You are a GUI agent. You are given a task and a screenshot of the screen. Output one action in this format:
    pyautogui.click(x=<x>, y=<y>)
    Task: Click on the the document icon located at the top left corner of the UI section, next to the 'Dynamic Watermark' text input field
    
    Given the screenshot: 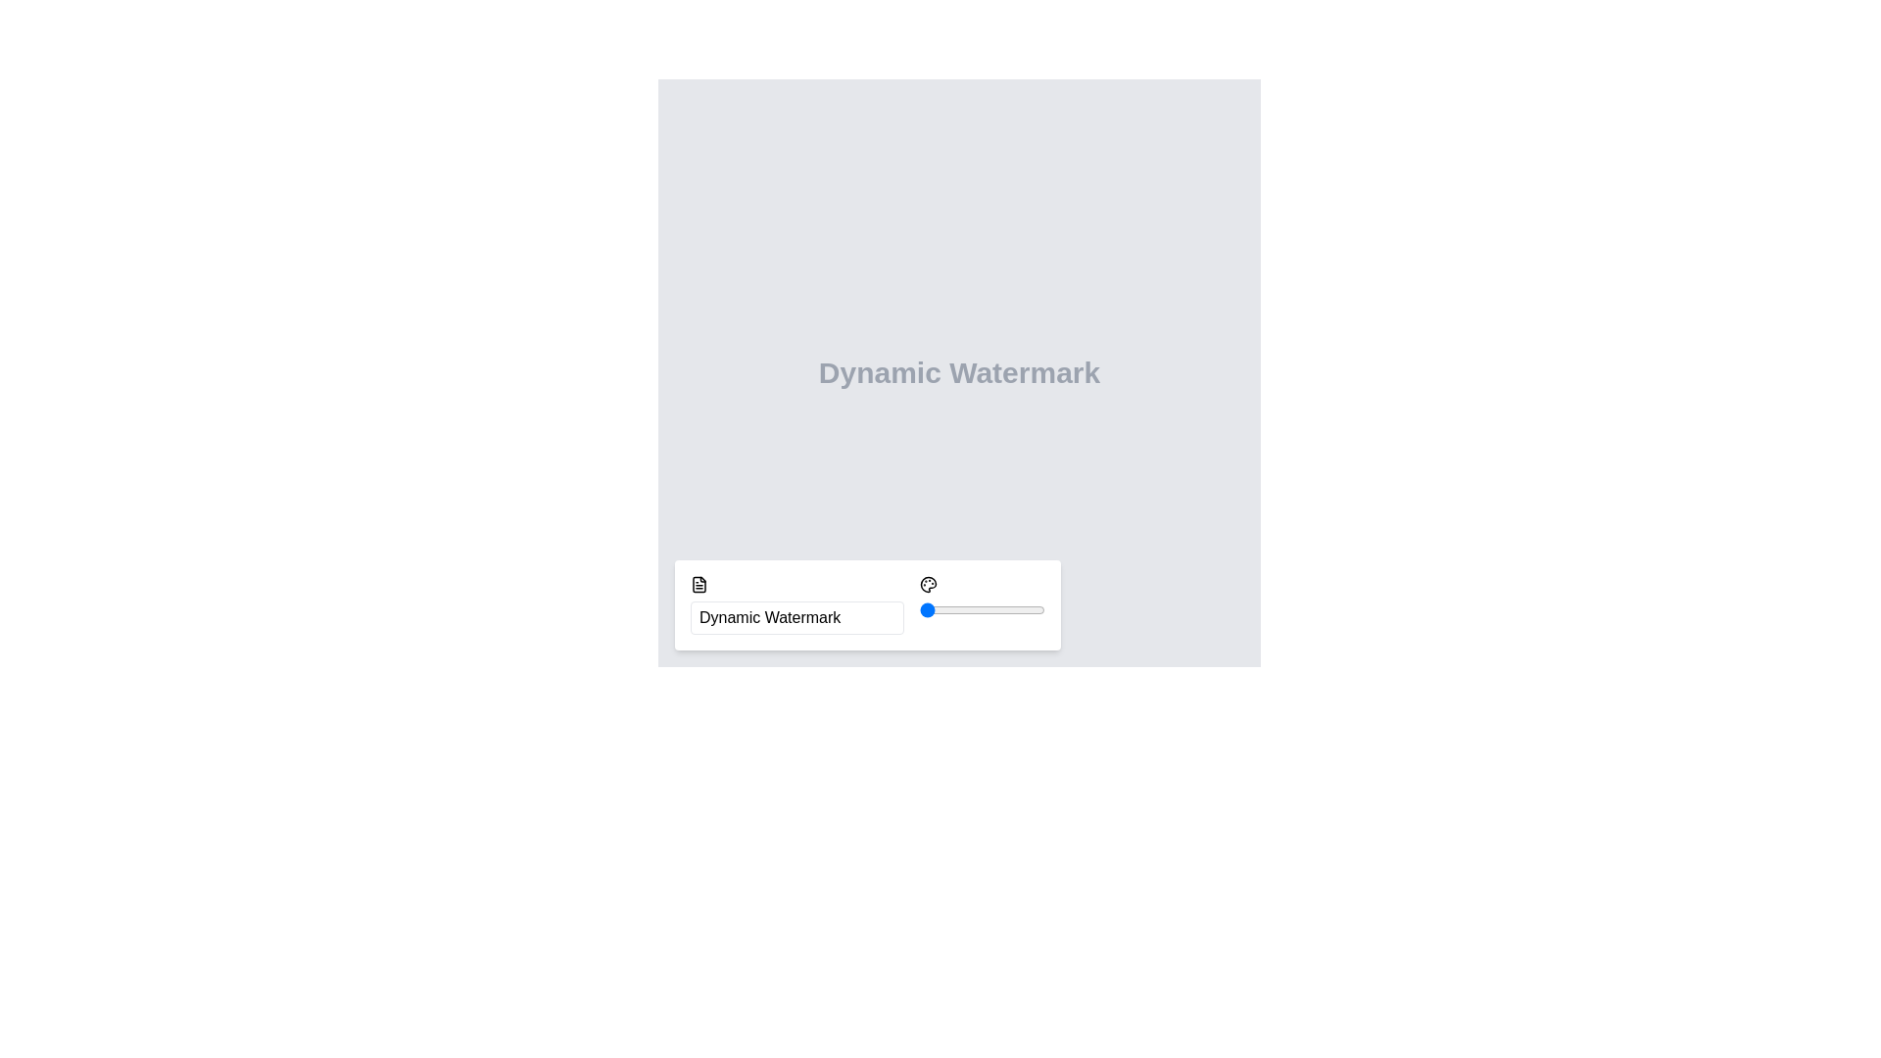 What is the action you would take?
    pyautogui.click(x=699, y=584)
    